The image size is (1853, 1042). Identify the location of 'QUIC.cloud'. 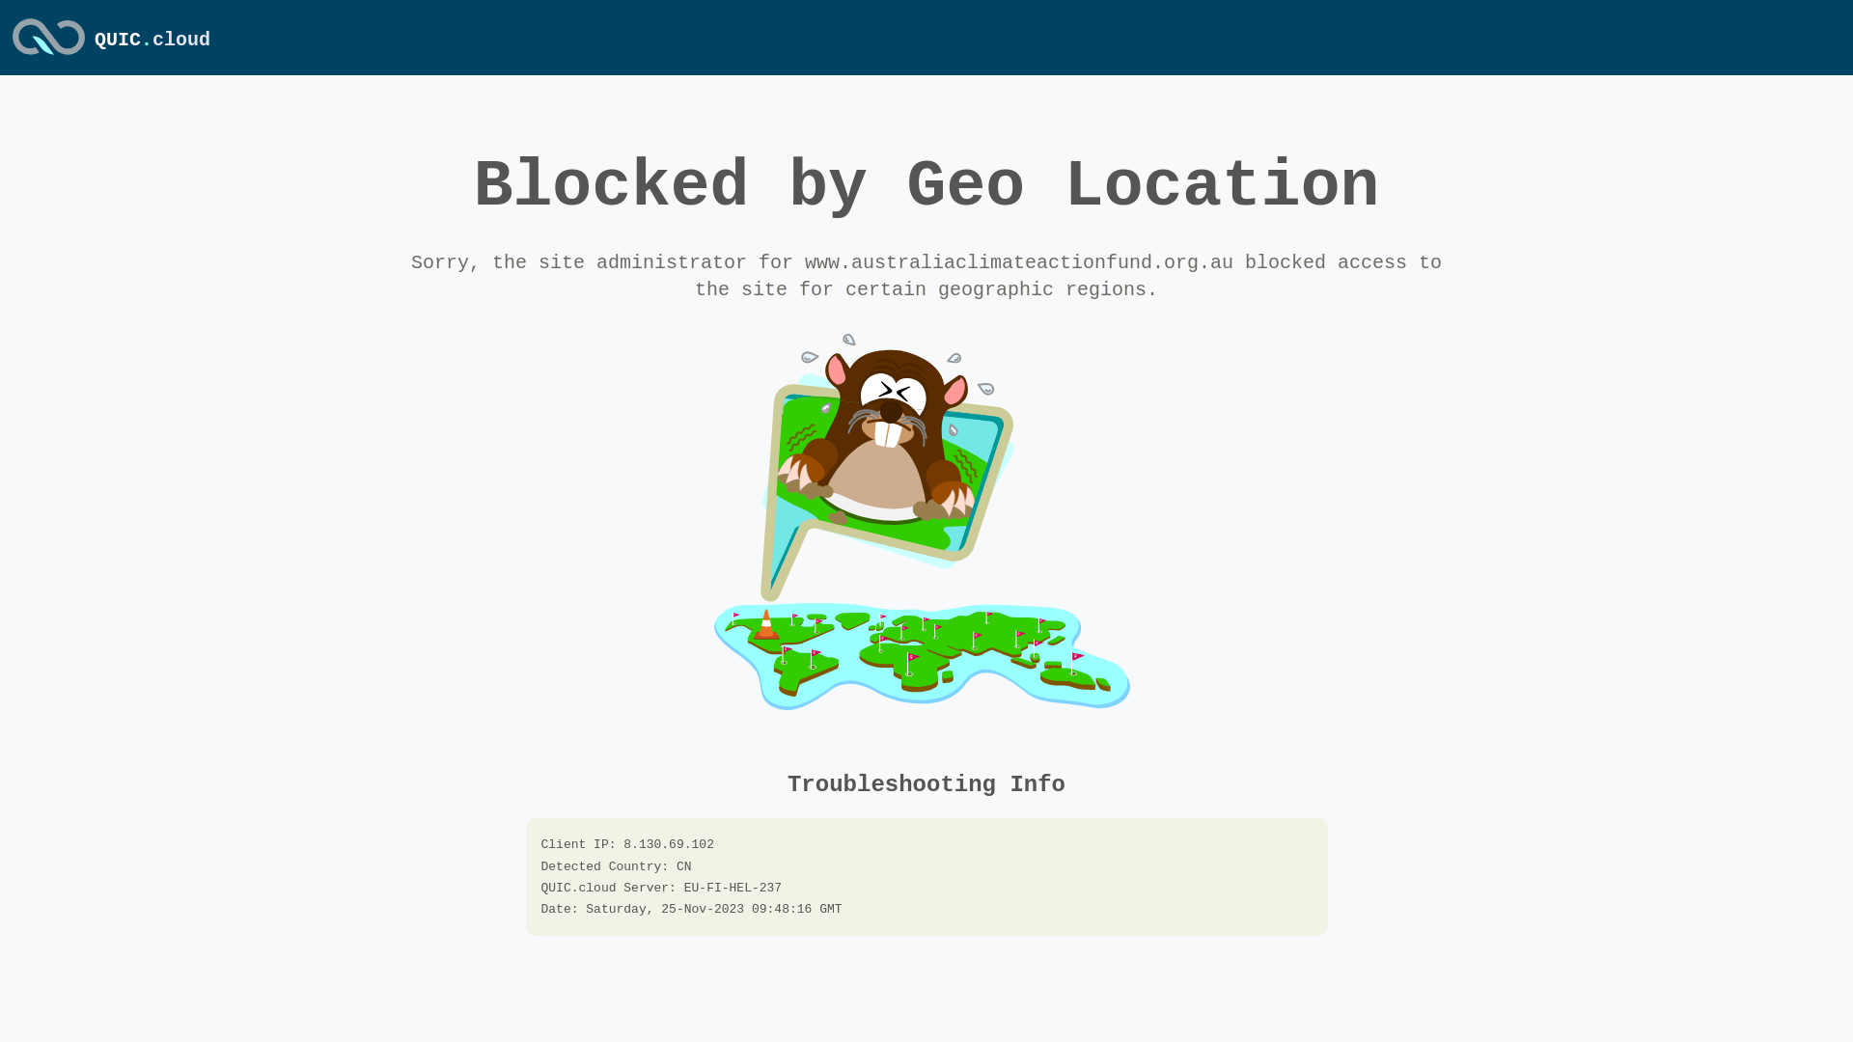
(152, 40).